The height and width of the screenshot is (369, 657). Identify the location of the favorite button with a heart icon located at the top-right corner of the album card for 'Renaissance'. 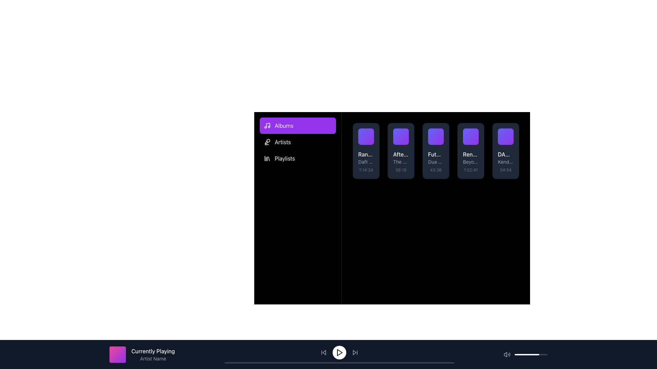
(474, 133).